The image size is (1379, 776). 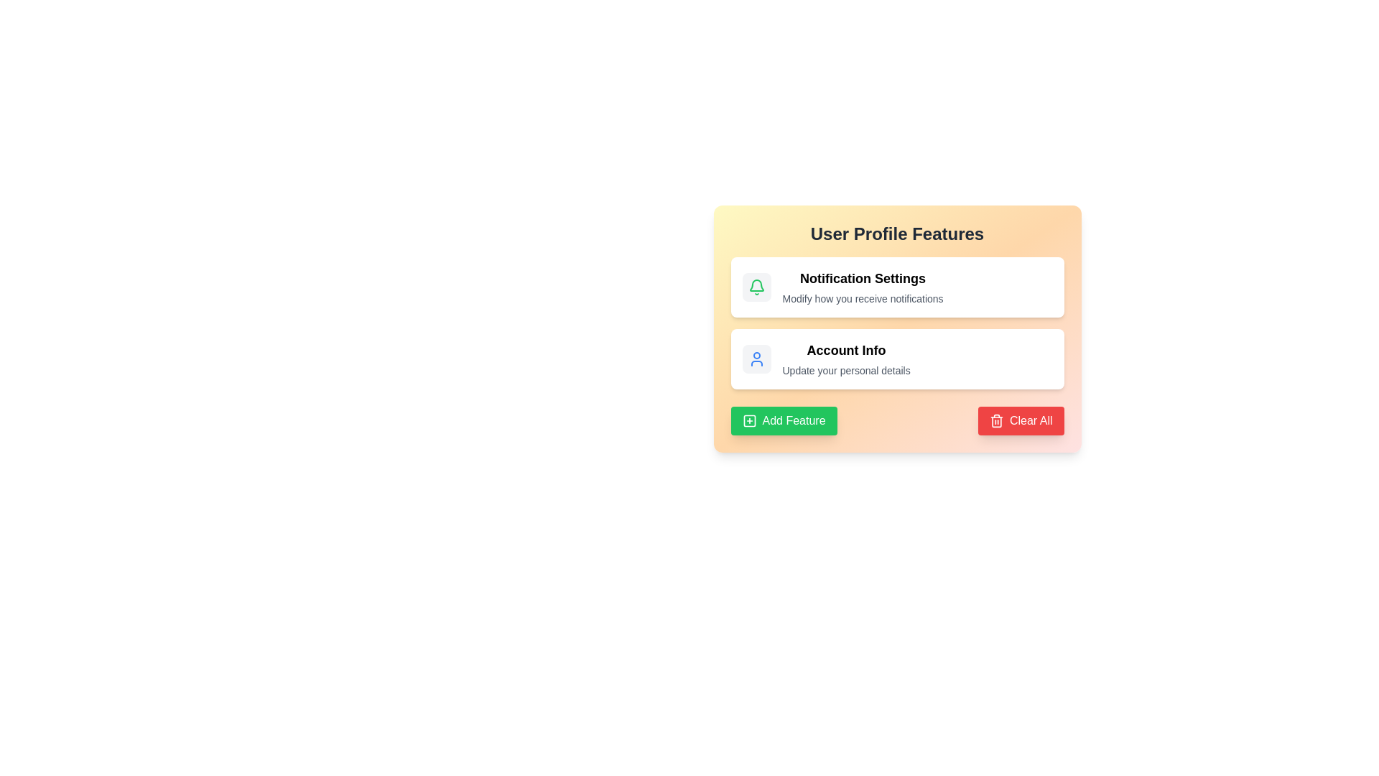 I want to click on the red-colored trash can icon located on the left side of the 'Clear All' button at the bottom right of the card interface, so click(x=995, y=420).